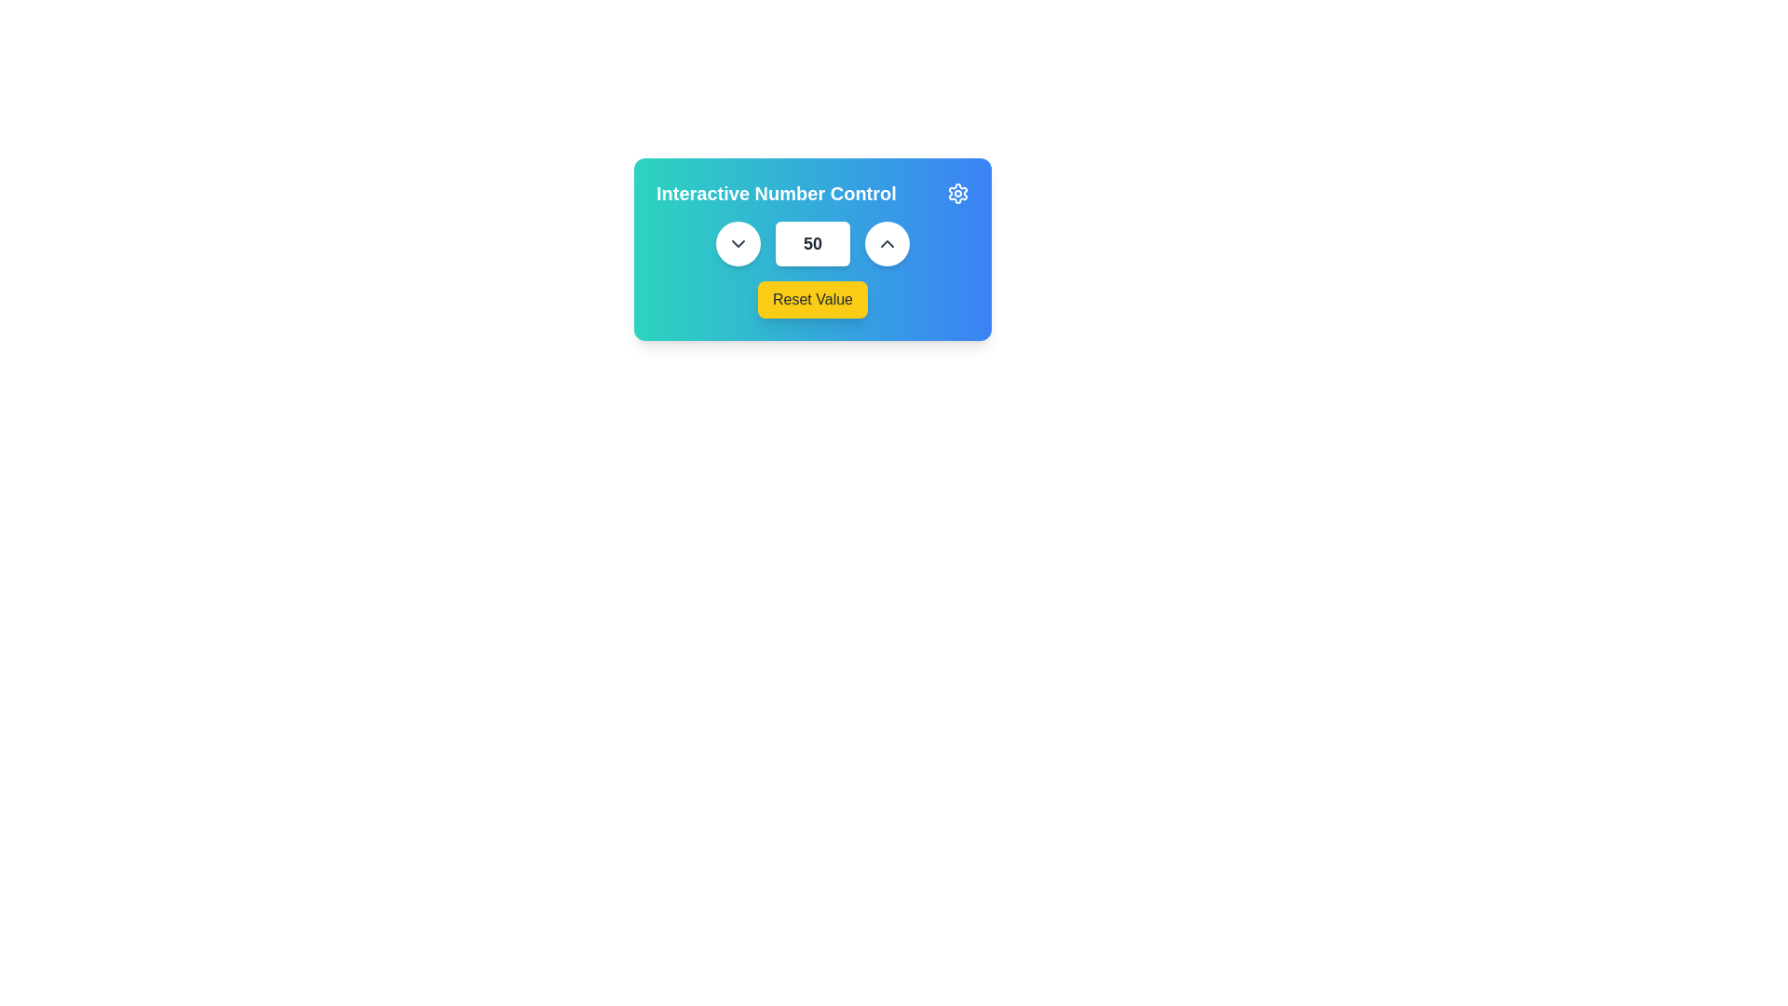 The width and height of the screenshot is (1788, 1006). I want to click on the settings icon located at the top-right corner of the interactive number control panel, so click(957, 194).